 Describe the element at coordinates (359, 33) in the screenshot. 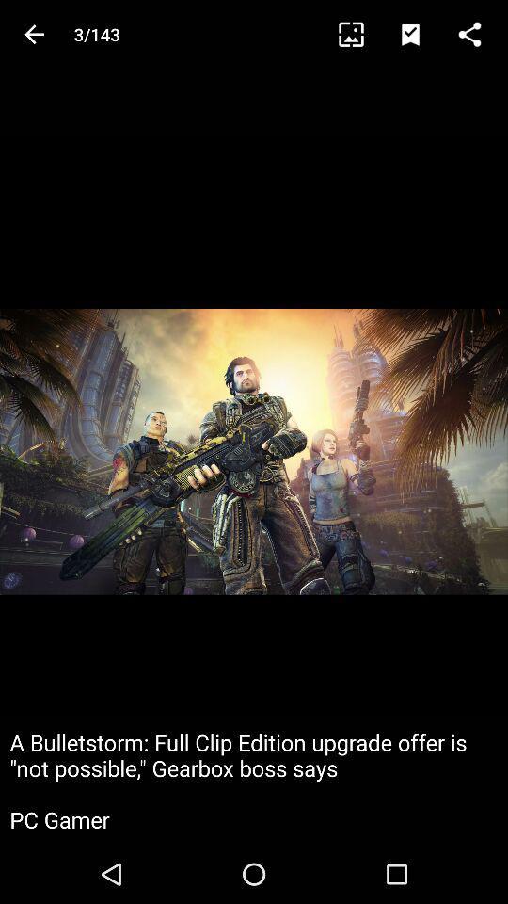

I see `crop image` at that location.